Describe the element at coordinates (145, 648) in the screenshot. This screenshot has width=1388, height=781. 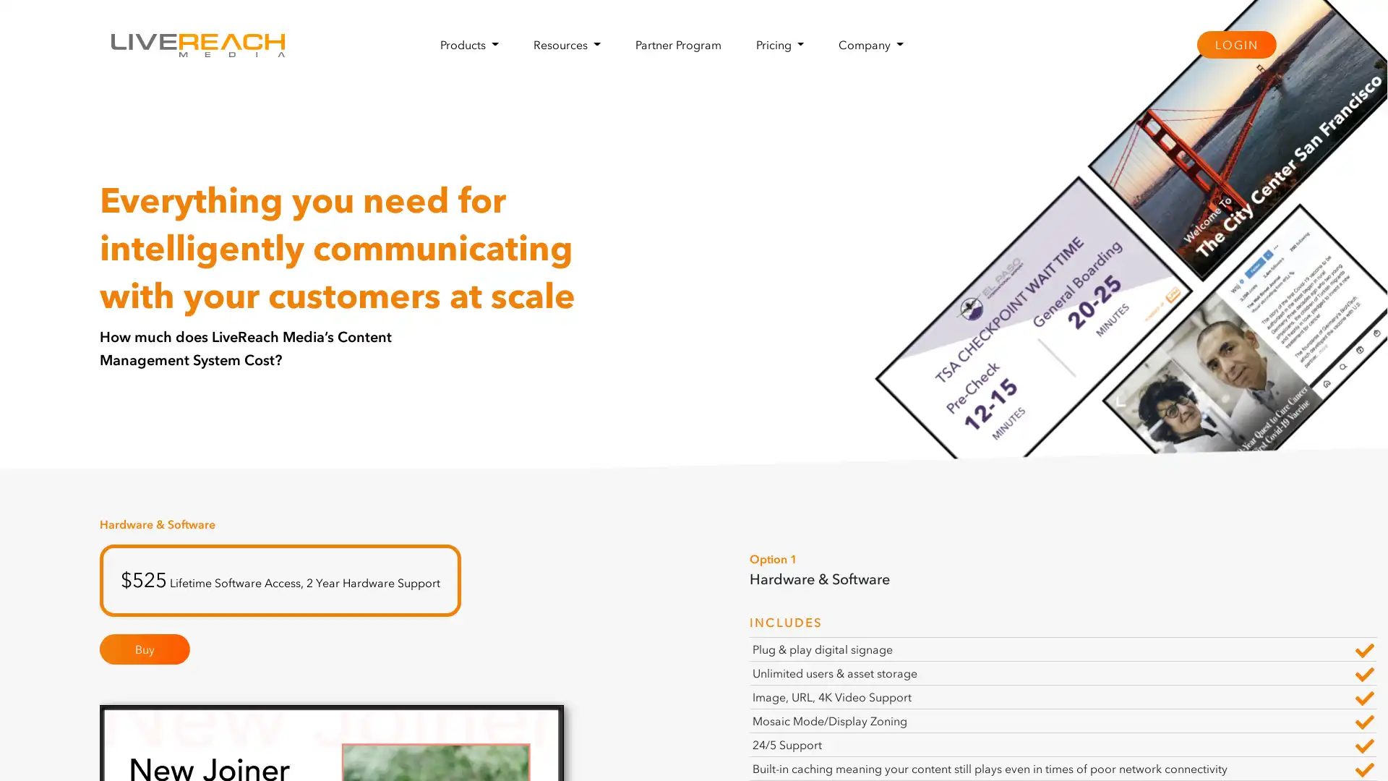
I see `Buy` at that location.